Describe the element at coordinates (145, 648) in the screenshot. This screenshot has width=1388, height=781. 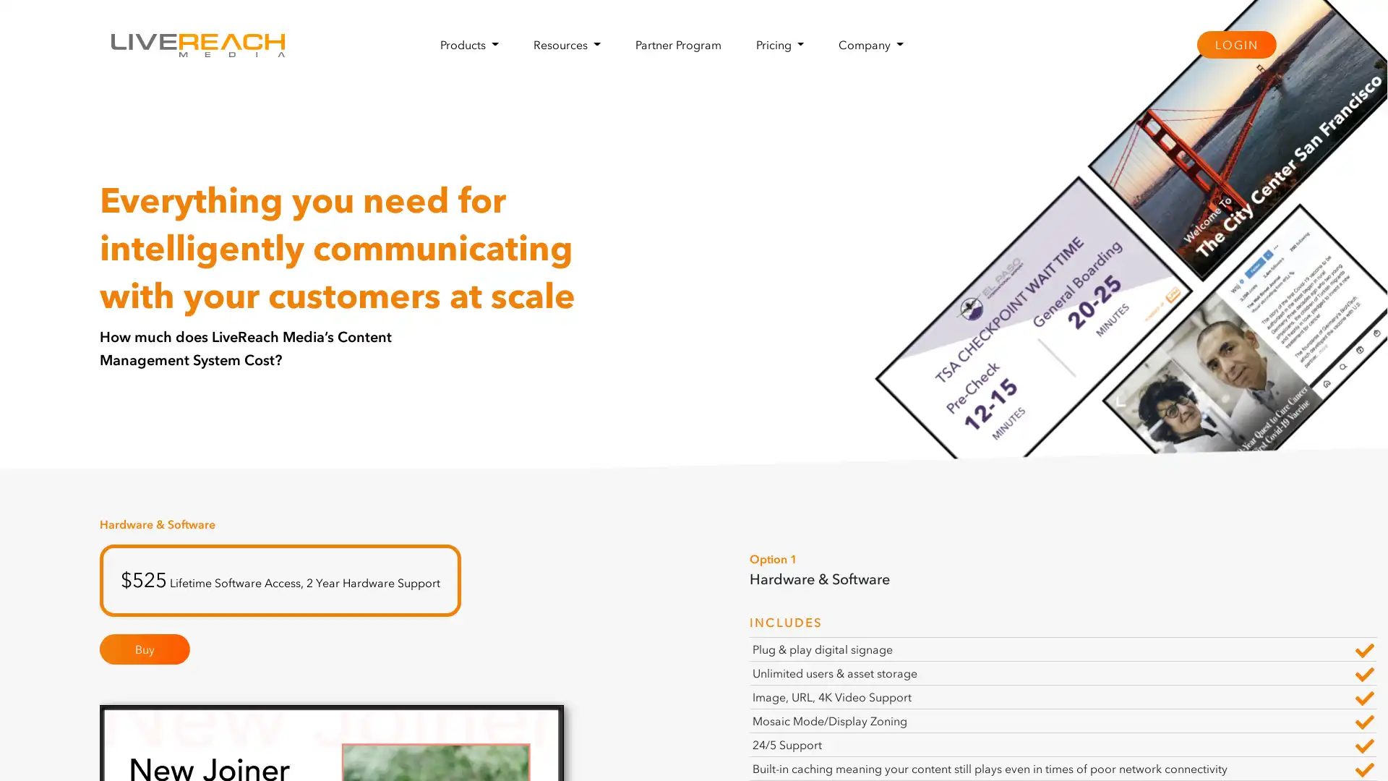
I see `Buy` at that location.